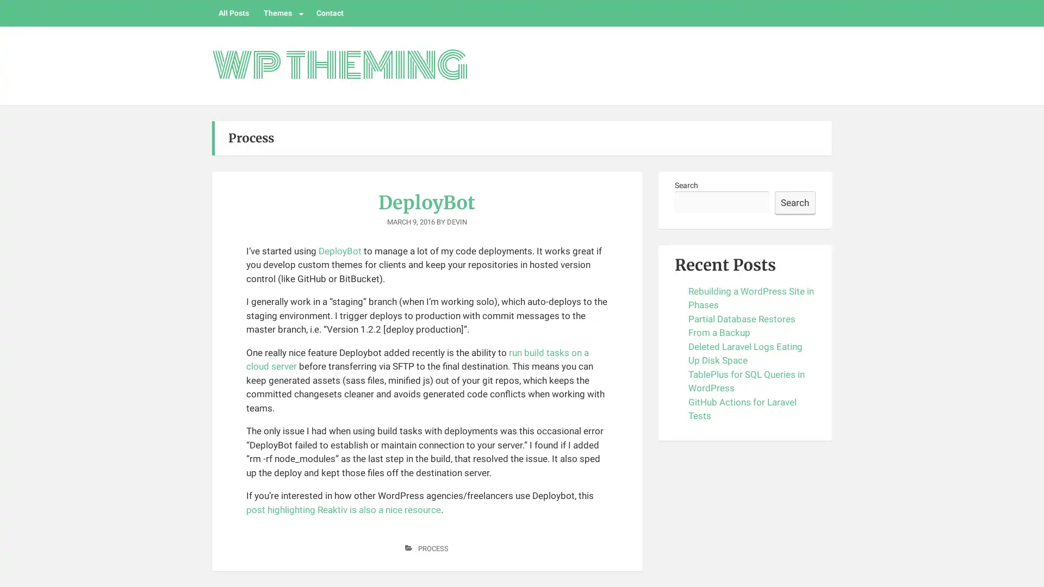  What do you see at coordinates (795, 203) in the screenshot?
I see `Search` at bounding box center [795, 203].